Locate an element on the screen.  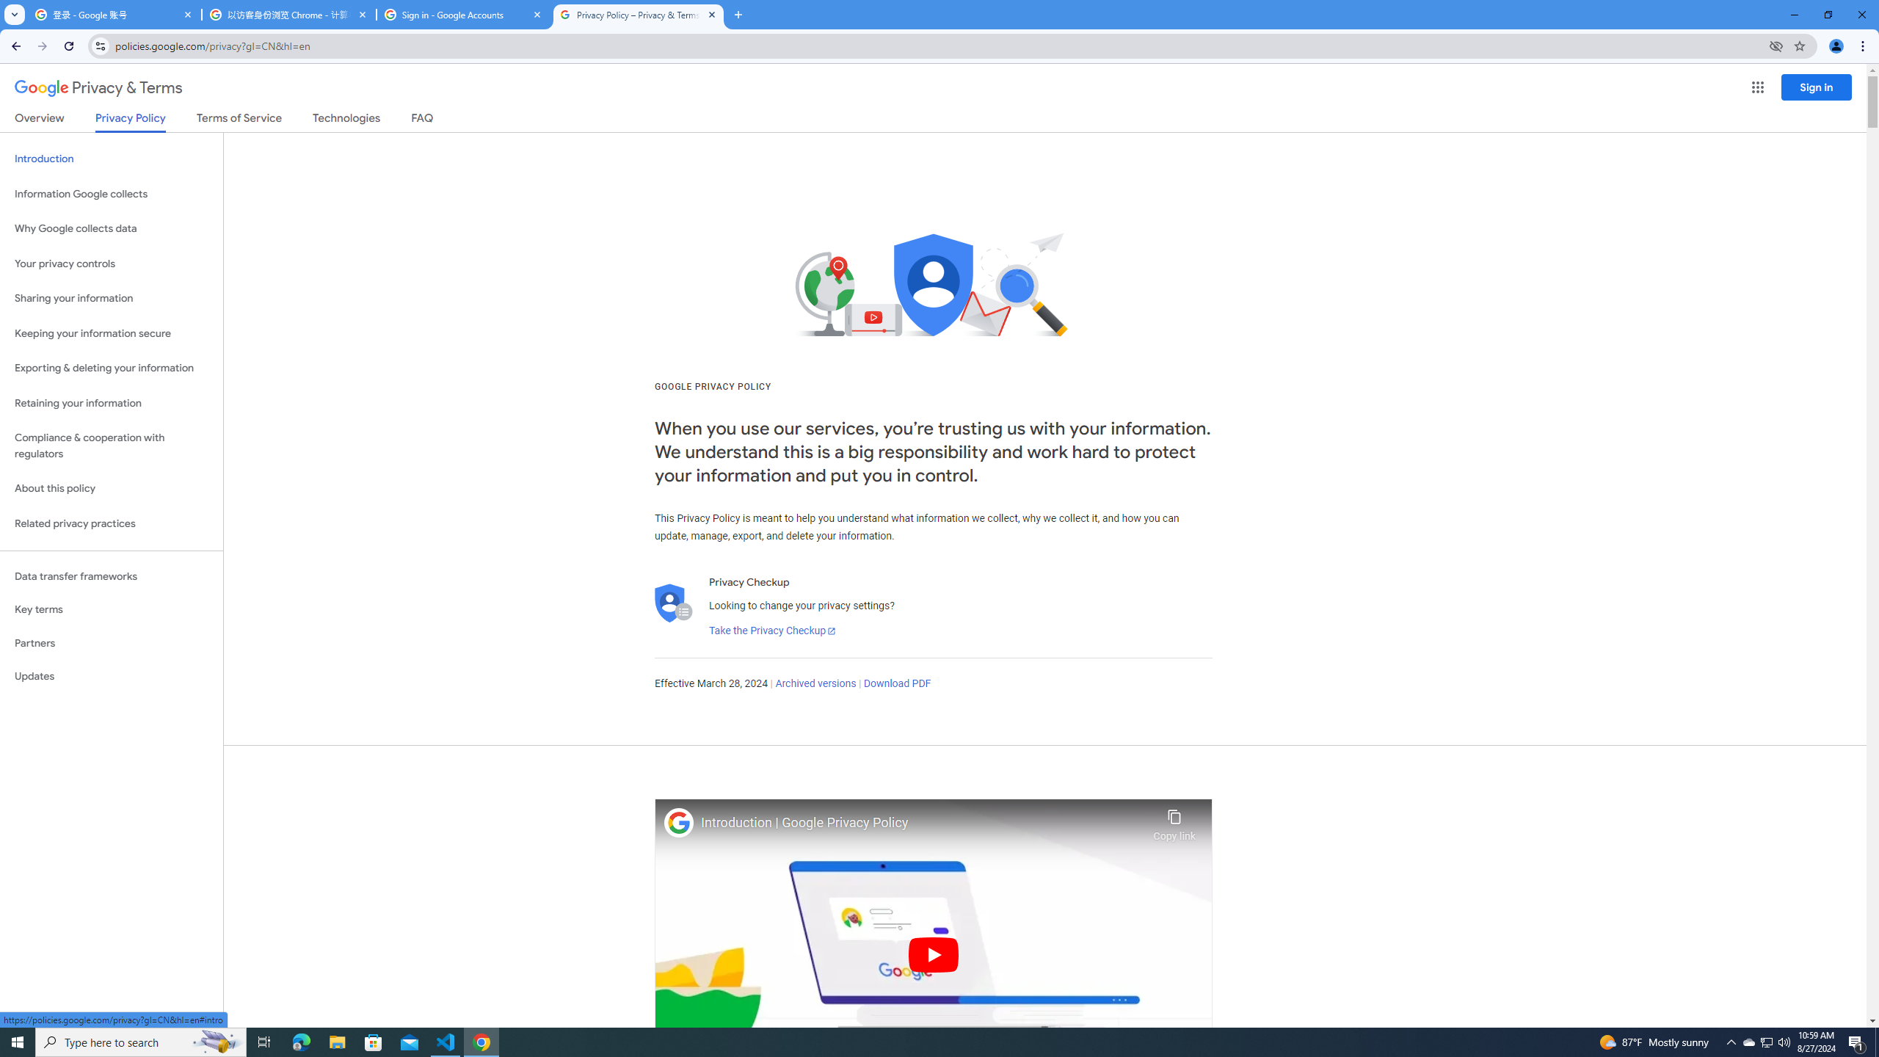
'Your privacy controls' is located at coordinates (111, 264).